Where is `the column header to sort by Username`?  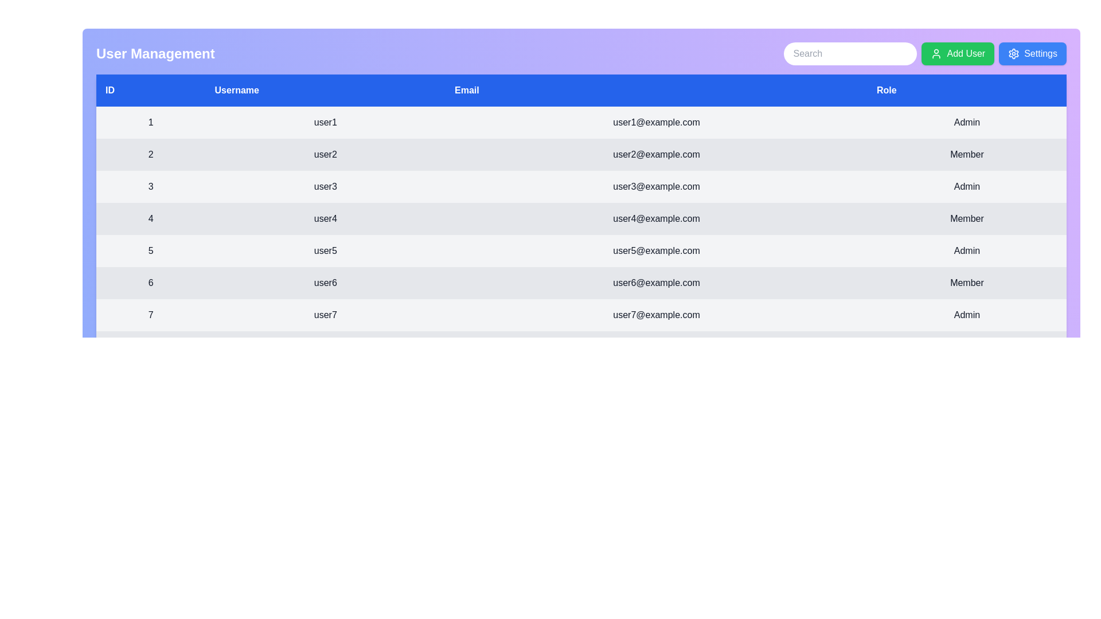
the column header to sort by Username is located at coordinates (324, 90).